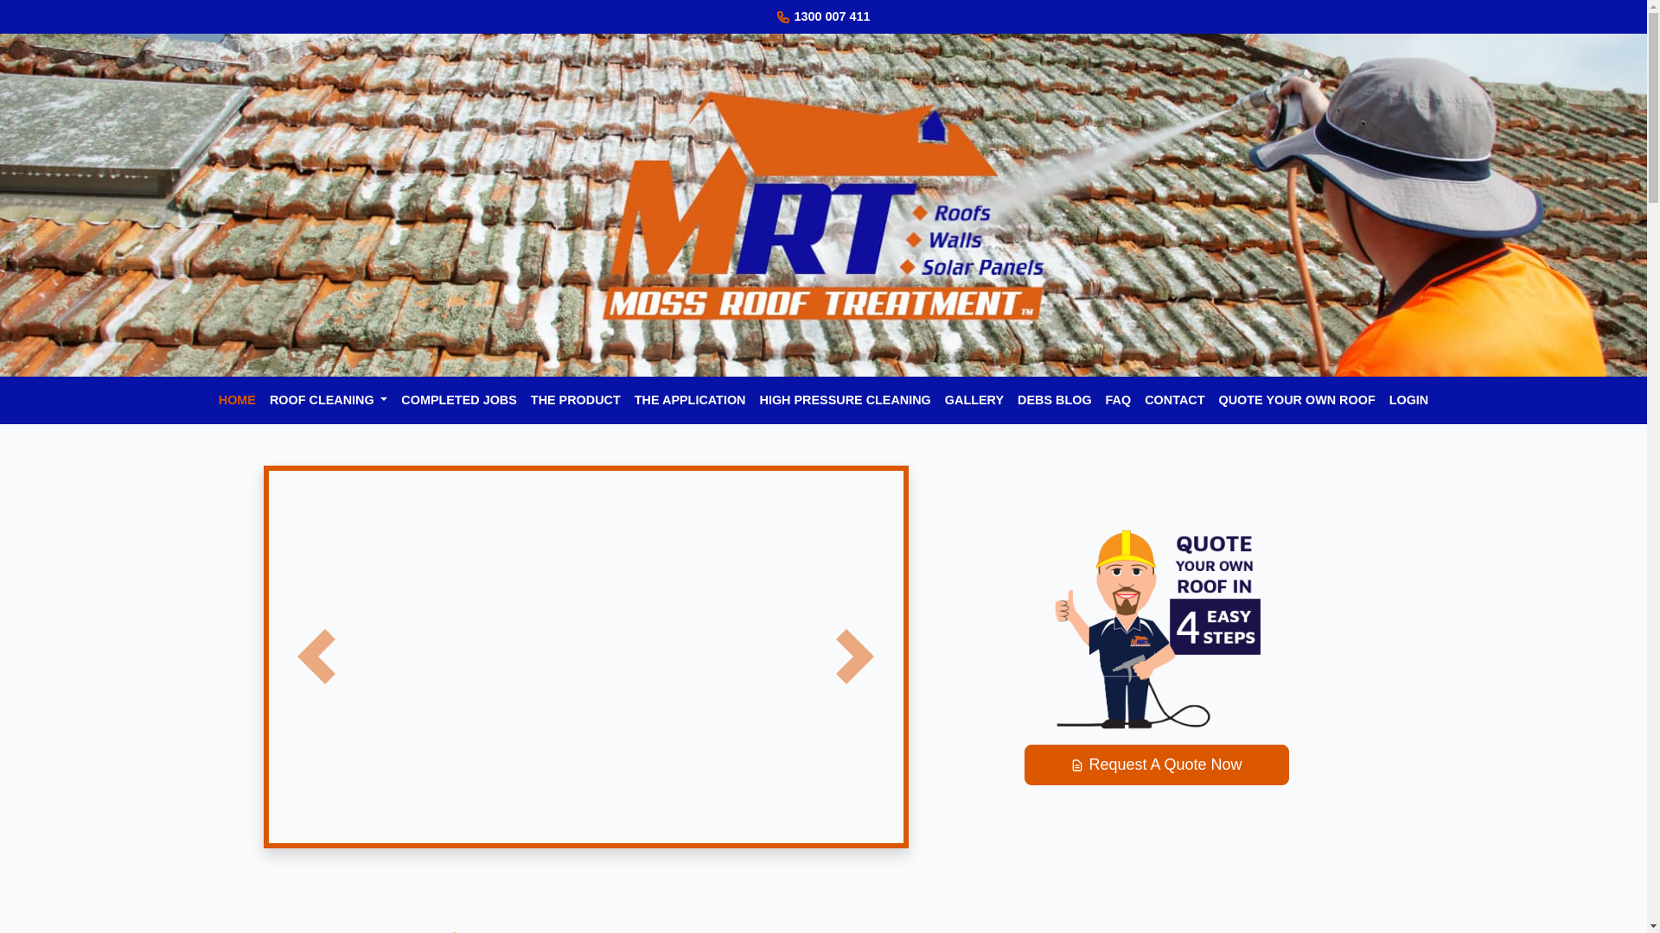  What do you see at coordinates (974, 400) in the screenshot?
I see `'GALLERY'` at bounding box center [974, 400].